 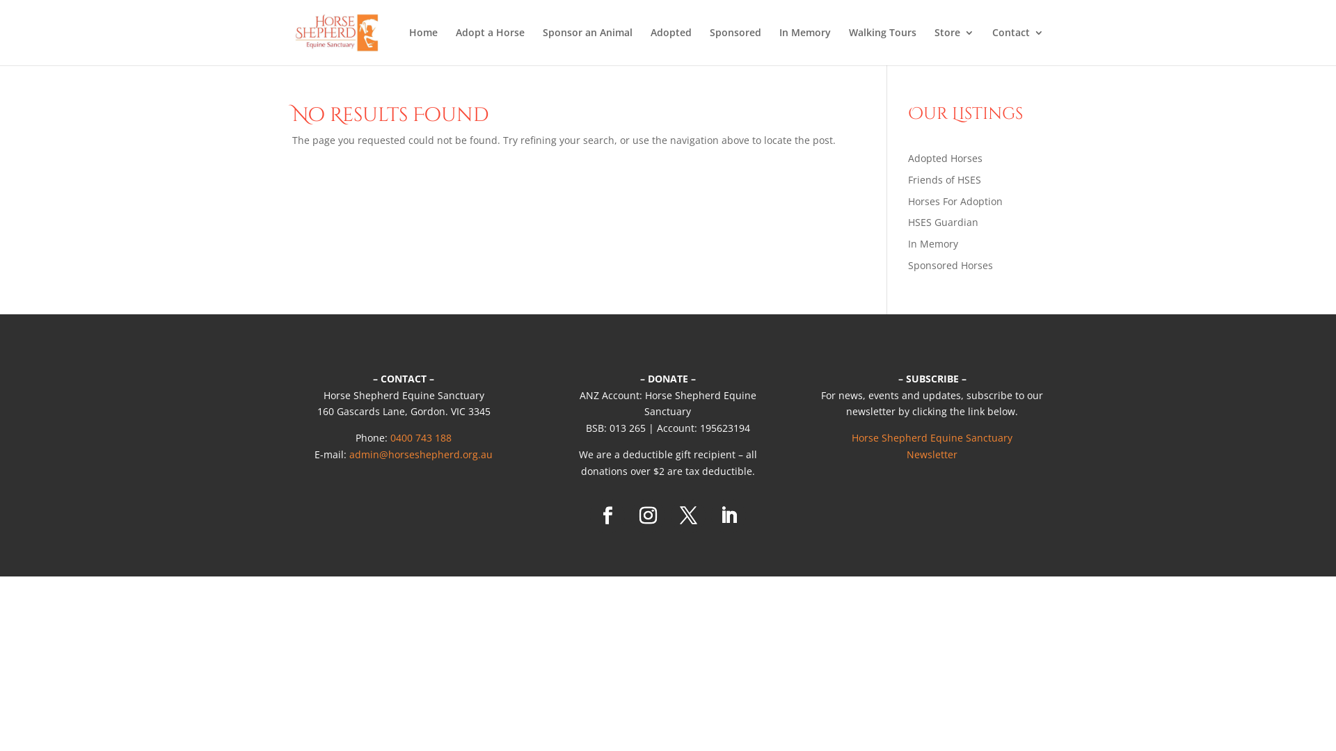 What do you see at coordinates (882, 45) in the screenshot?
I see `'Walking Tours'` at bounding box center [882, 45].